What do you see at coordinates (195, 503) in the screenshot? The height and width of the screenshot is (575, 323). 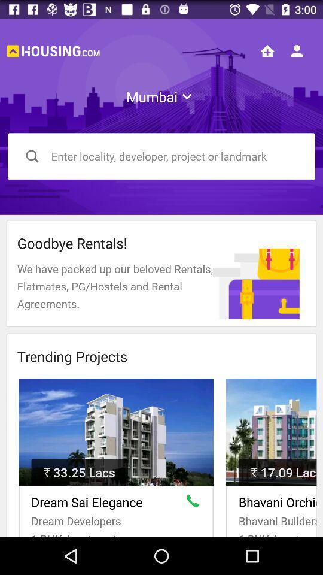 I see `call this company` at bounding box center [195, 503].